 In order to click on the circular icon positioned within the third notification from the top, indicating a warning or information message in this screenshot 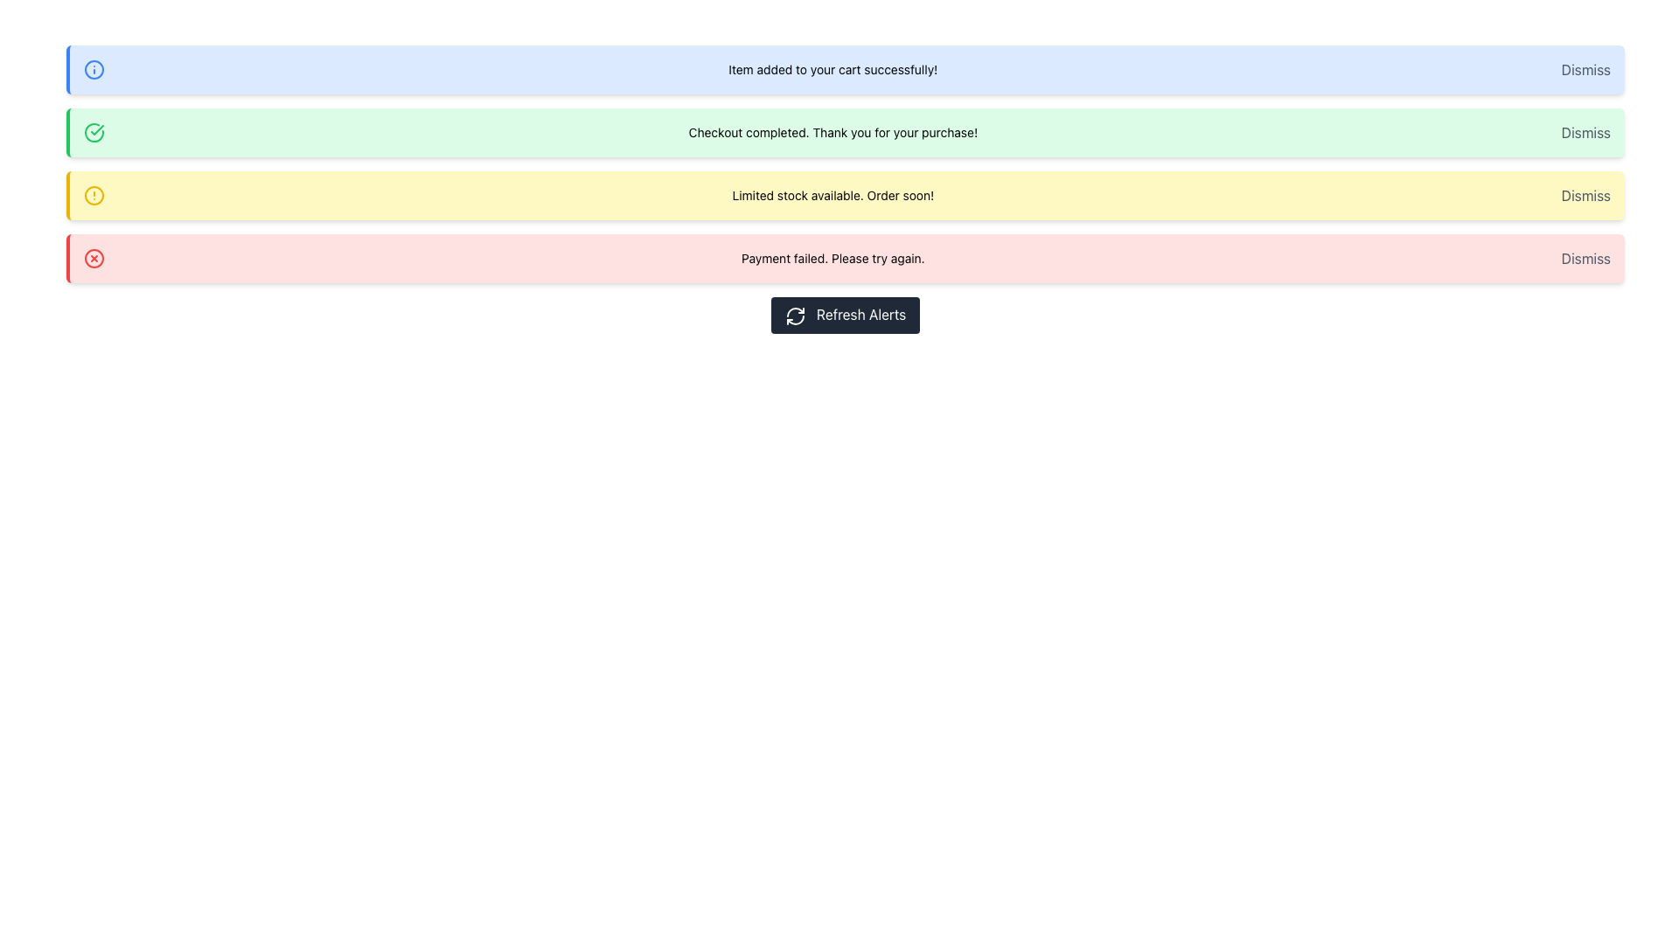, I will do `click(94, 195)`.